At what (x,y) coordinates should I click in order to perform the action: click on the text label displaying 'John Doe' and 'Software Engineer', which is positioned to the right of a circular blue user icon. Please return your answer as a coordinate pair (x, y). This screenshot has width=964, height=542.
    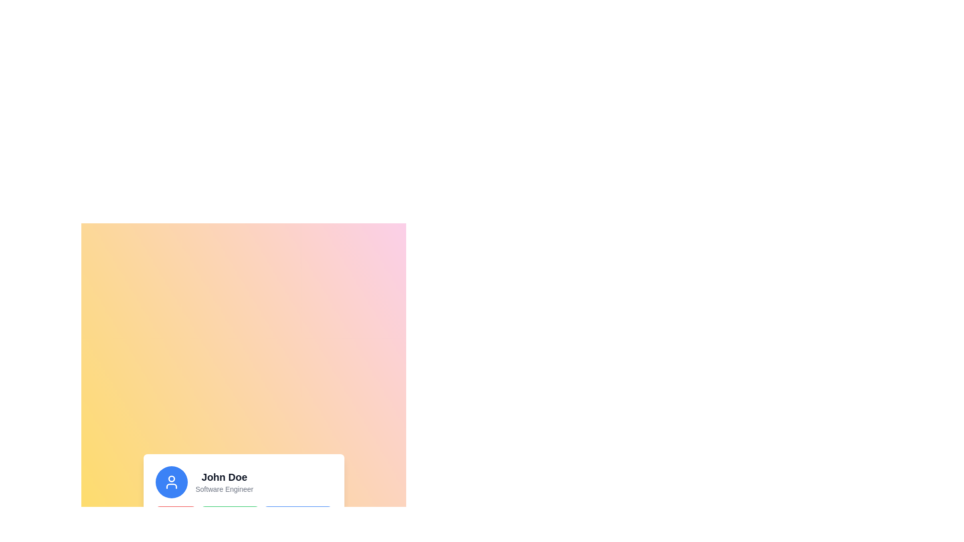
    Looking at the image, I should click on (224, 481).